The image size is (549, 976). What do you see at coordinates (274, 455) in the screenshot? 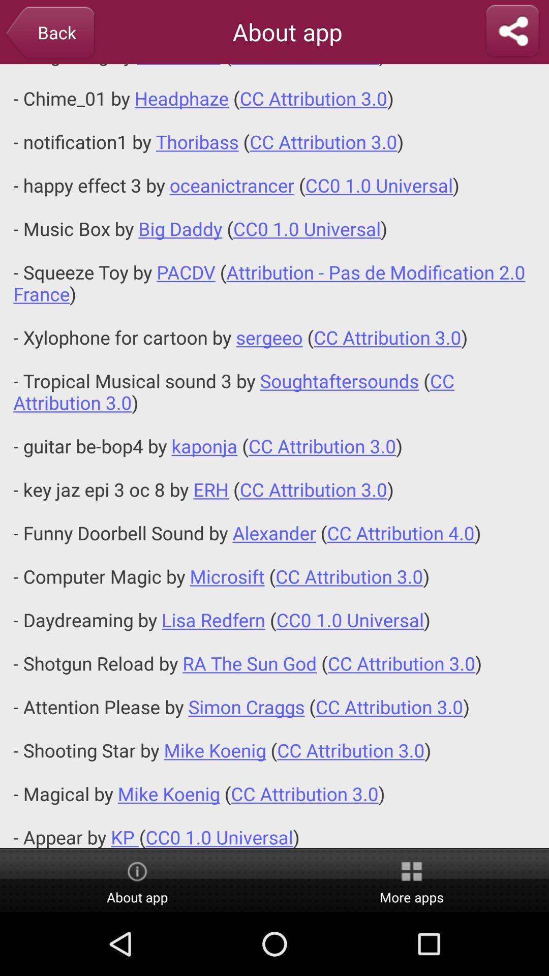
I see `the desk bell sound icon` at bounding box center [274, 455].